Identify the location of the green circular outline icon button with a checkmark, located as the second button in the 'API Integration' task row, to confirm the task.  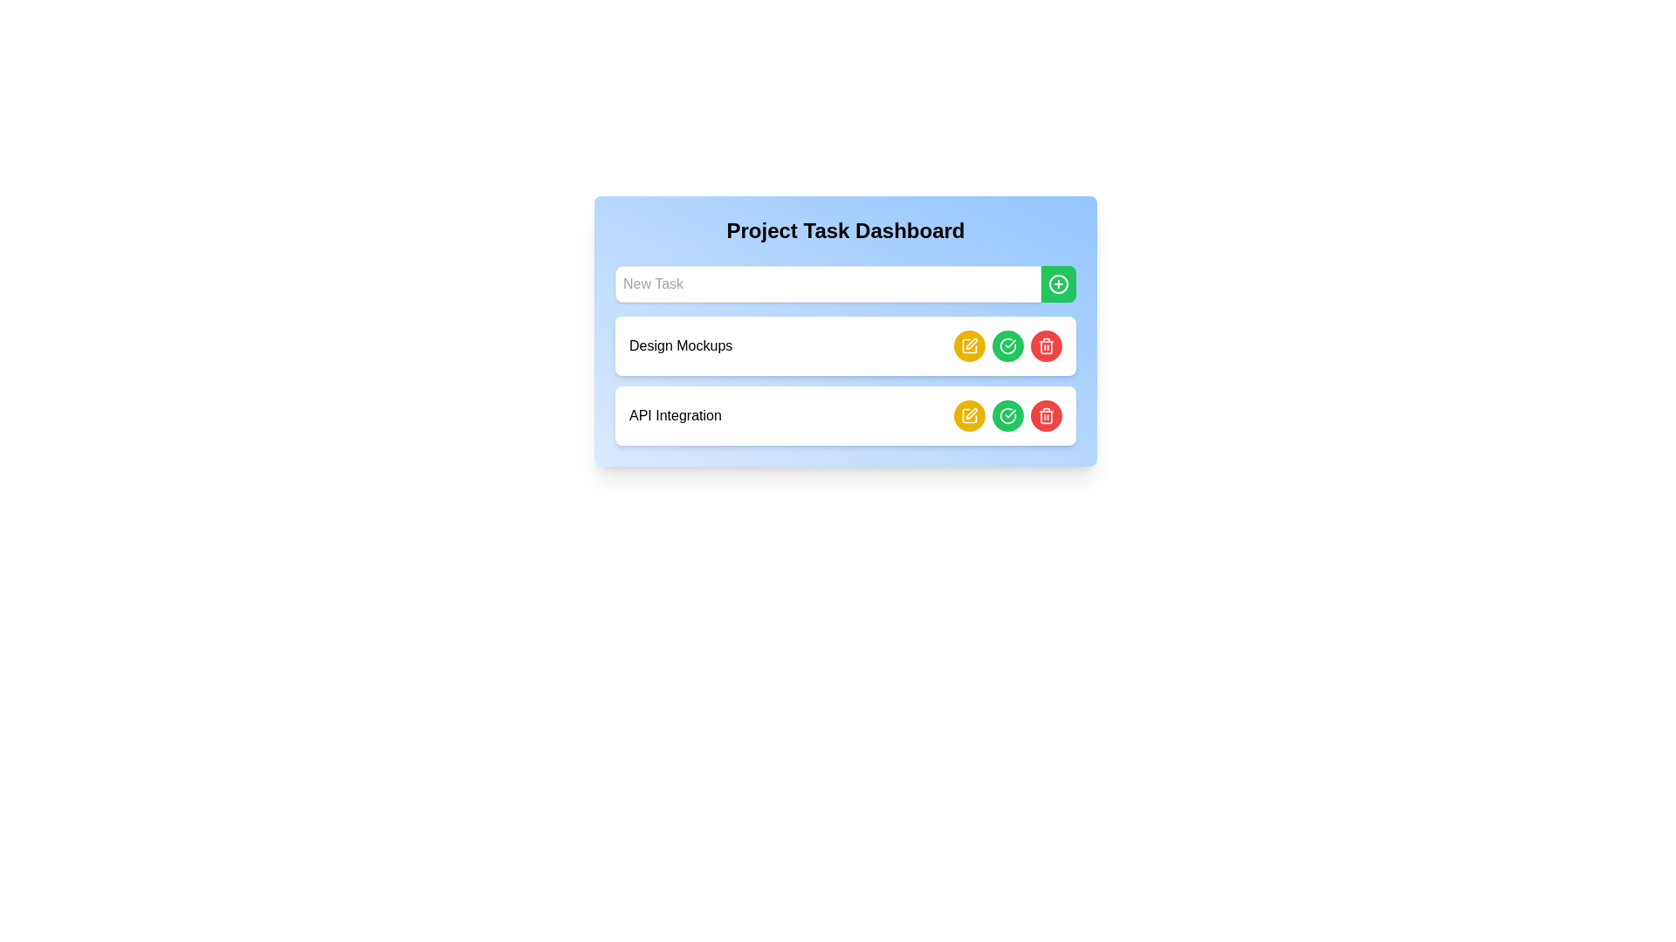
(1008, 346).